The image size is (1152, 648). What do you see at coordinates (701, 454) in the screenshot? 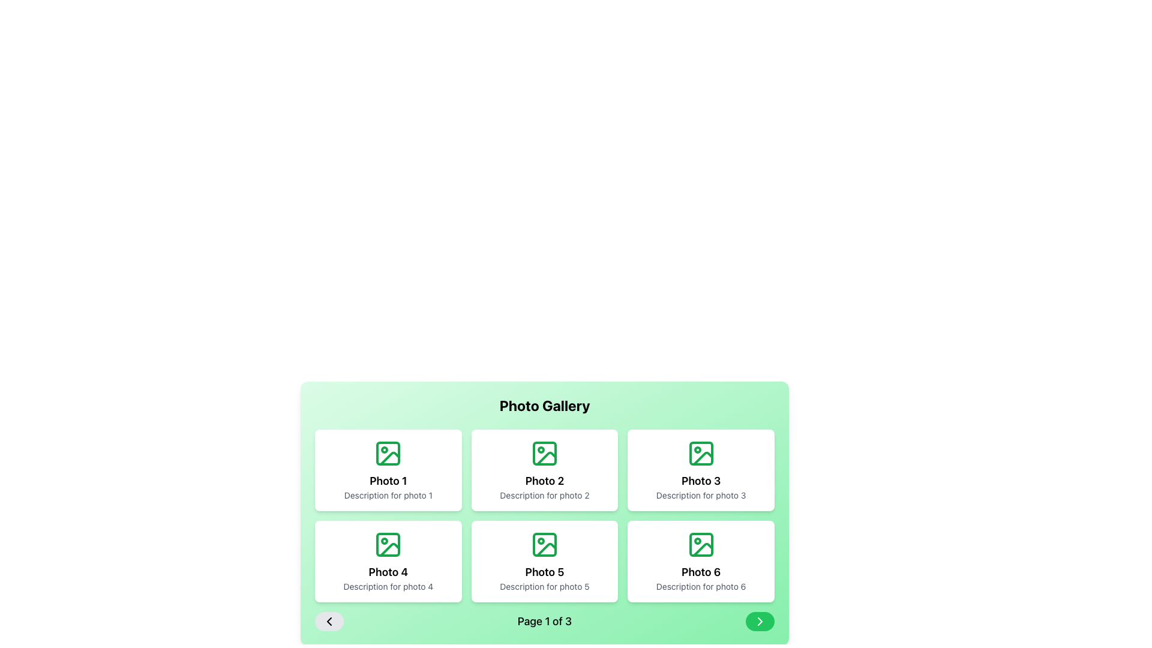
I see `the decorative background rectangle of the 'Photo 3' icon in the gallery's top row, which serves as the main visual component of the icon design` at bounding box center [701, 454].